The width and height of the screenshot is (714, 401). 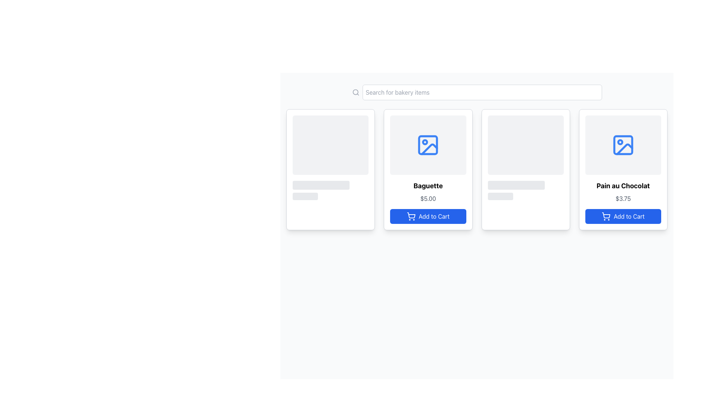 What do you see at coordinates (620, 142) in the screenshot?
I see `the Iconic indicator located within the image placeholder of the 'Pain au Chocolat' product card, which is the third card from the left in the rightmost column` at bounding box center [620, 142].